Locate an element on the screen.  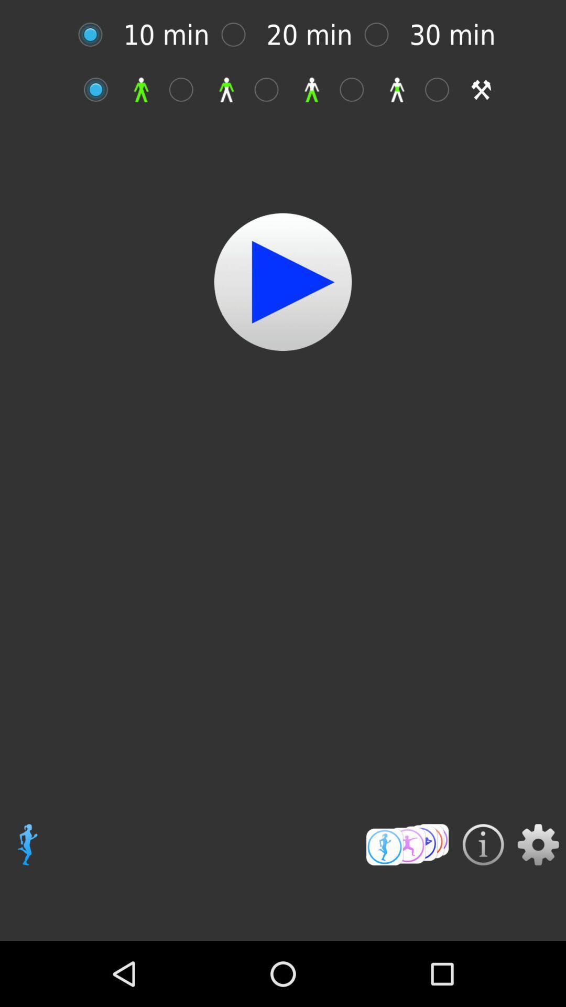
different time is located at coordinates (382, 35).